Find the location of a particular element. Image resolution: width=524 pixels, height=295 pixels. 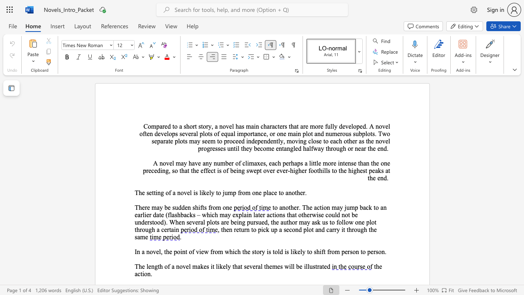

the subset text "eral plots are being pursued, the author may ask u" within the text "to another. The action may jump back to an earlier date (flashbacks – which may explain later actions that otherwise could not be understood). When several plots are being pursued, the author may ask us to follow one plot through a certain" is located at coordinates (194, 222).